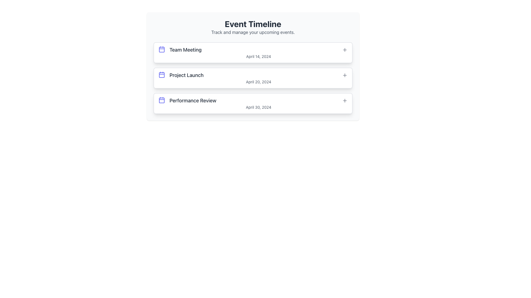  I want to click on the 'Project Launch' text label which displays event details in a bold, dark gray font, positioned between 'Team Meeting' and 'Performance Review', so click(186, 75).